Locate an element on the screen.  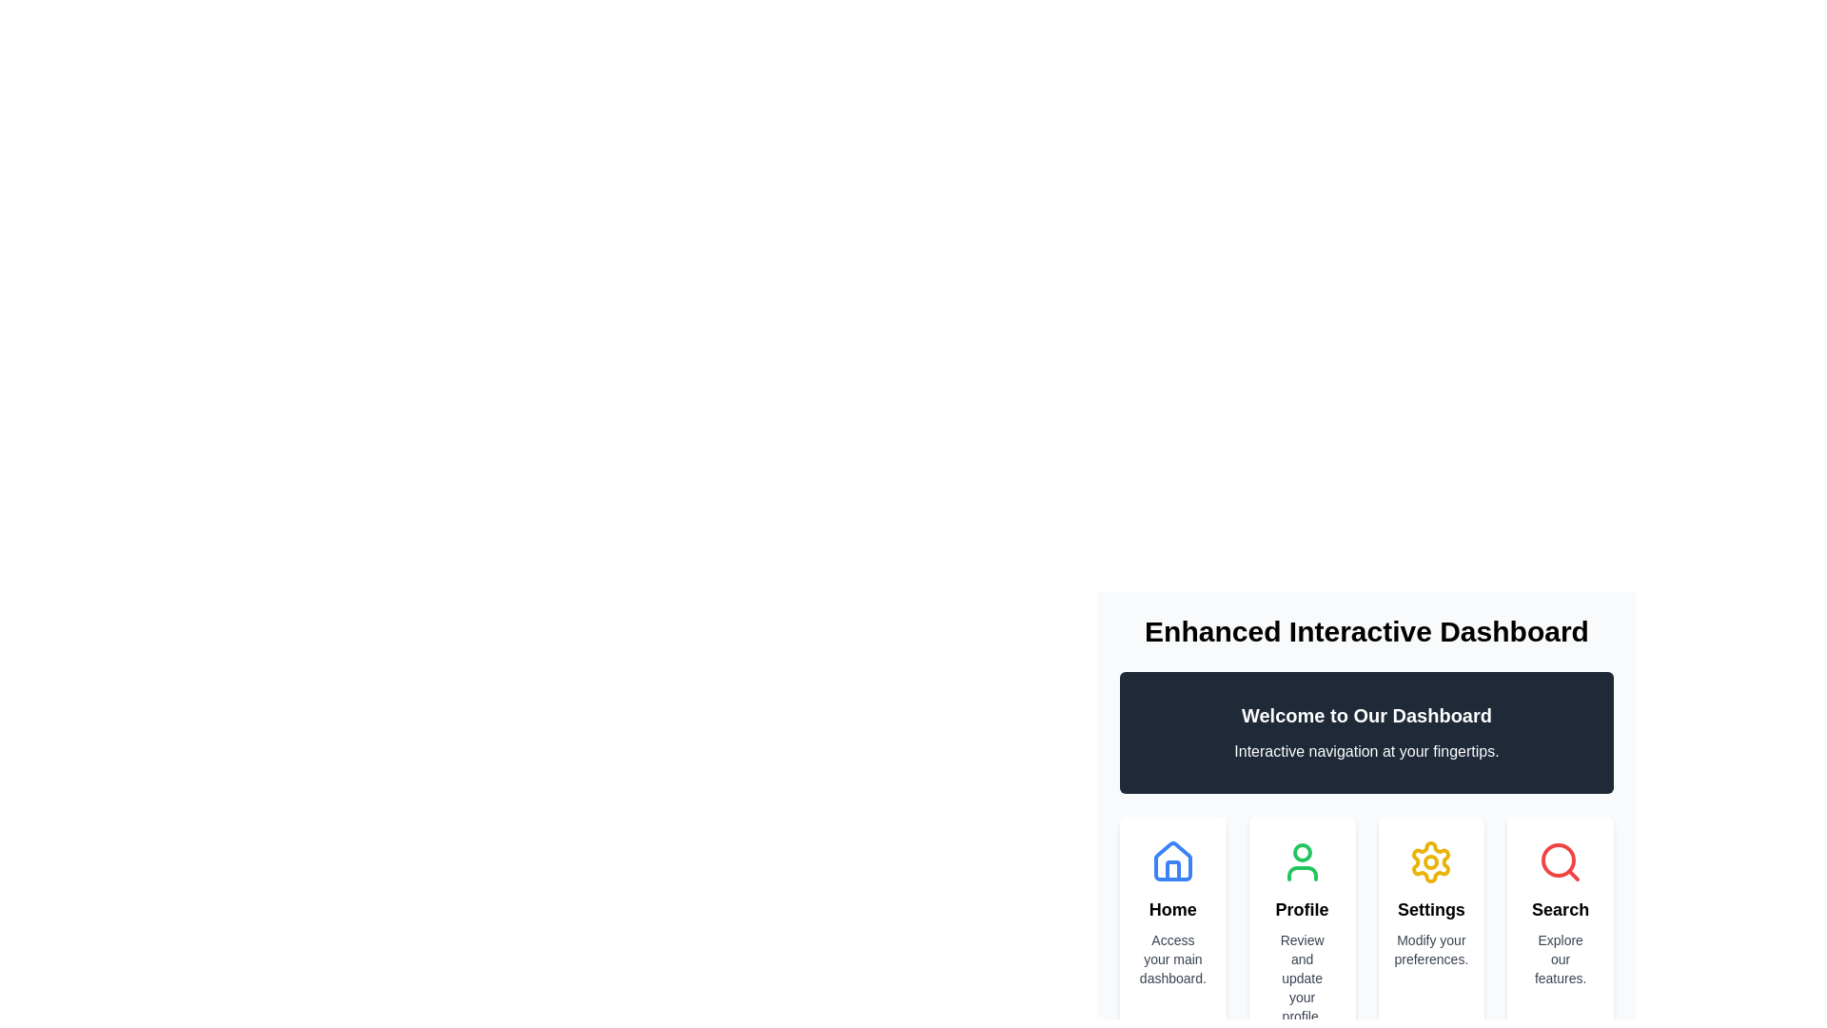
welcoming header text label at the center of the dashboard interface, which introduces users to the current section or application is located at coordinates (1365, 716).